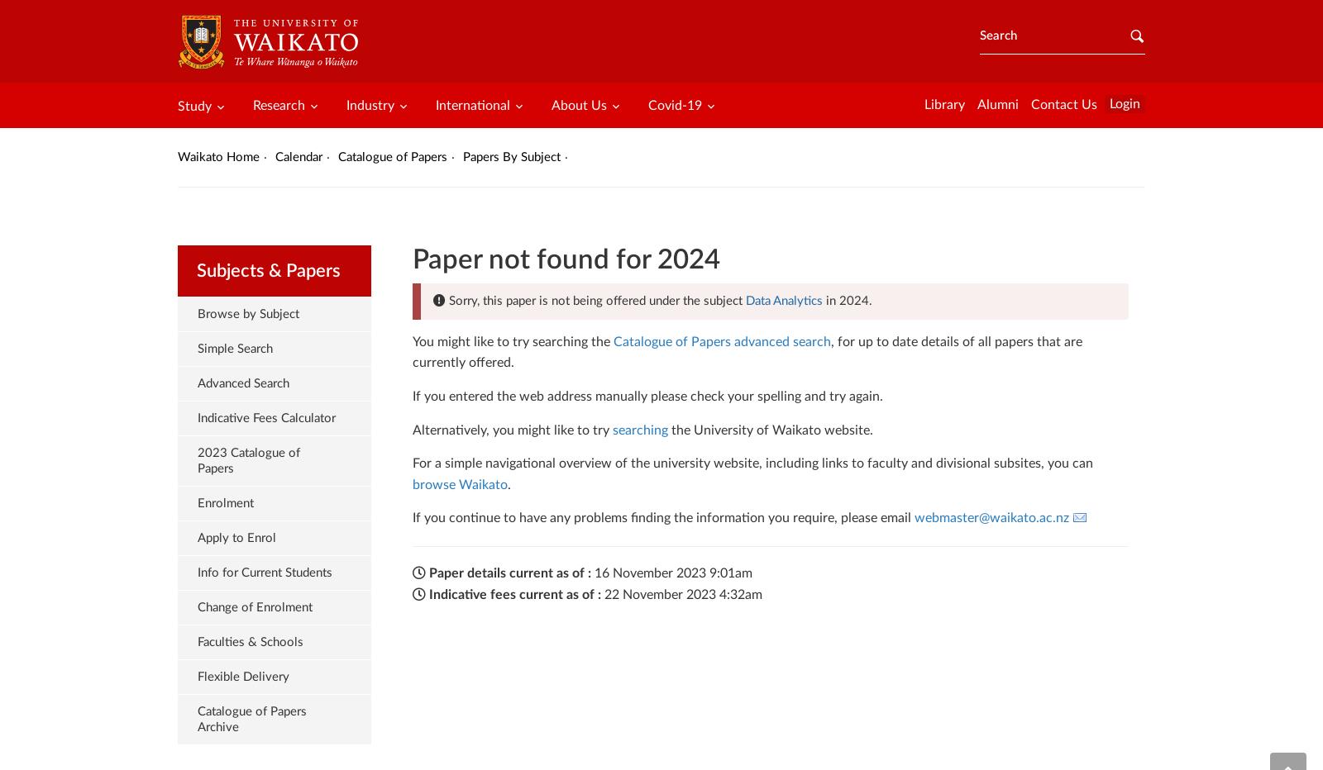  I want to click on '2023 Catalogue of Papers', so click(248, 459).